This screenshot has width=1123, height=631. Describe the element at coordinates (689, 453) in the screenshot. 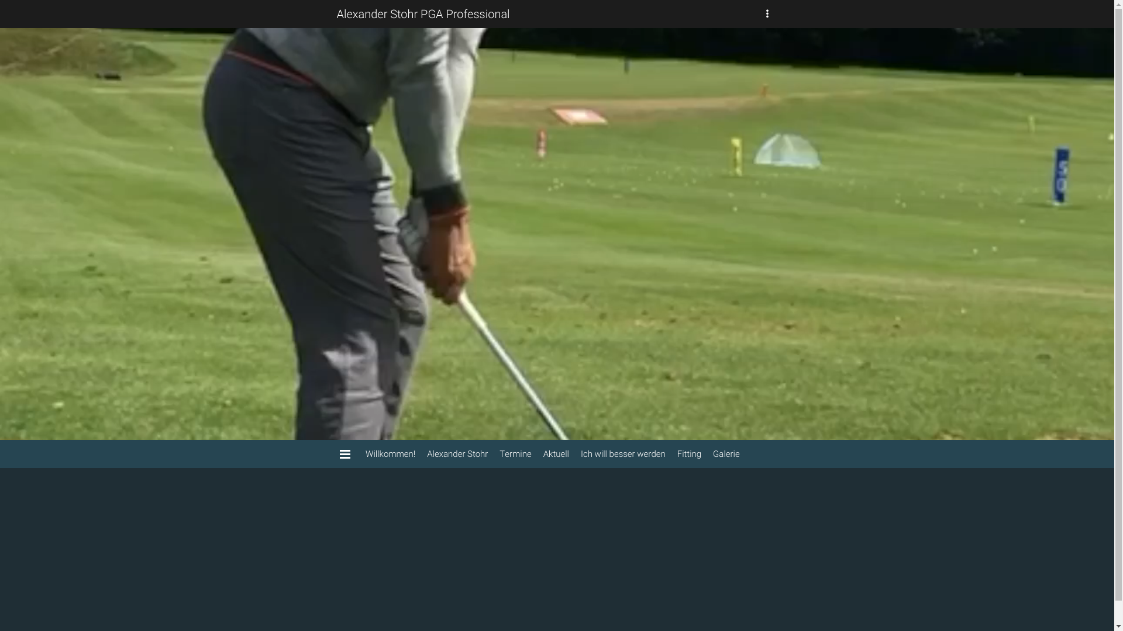

I see `'Fitting'` at that location.